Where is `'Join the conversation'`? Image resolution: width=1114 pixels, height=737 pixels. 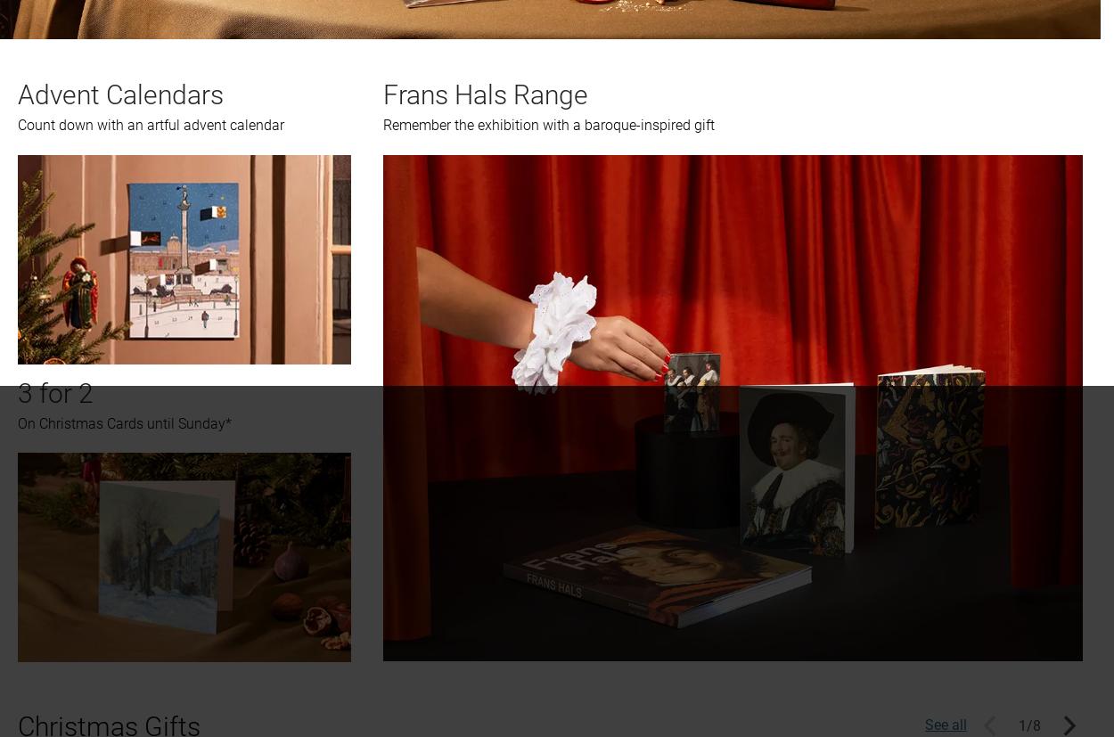
'Join the conversation' is located at coordinates (99, 675).